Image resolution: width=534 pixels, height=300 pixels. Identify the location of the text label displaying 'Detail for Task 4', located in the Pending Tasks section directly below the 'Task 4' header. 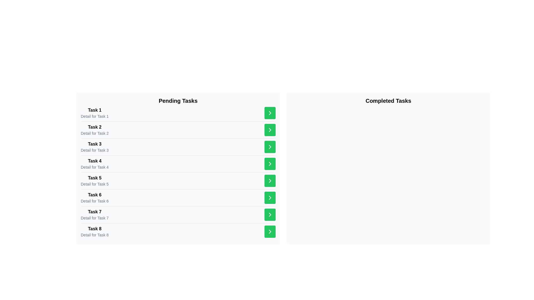
(95, 167).